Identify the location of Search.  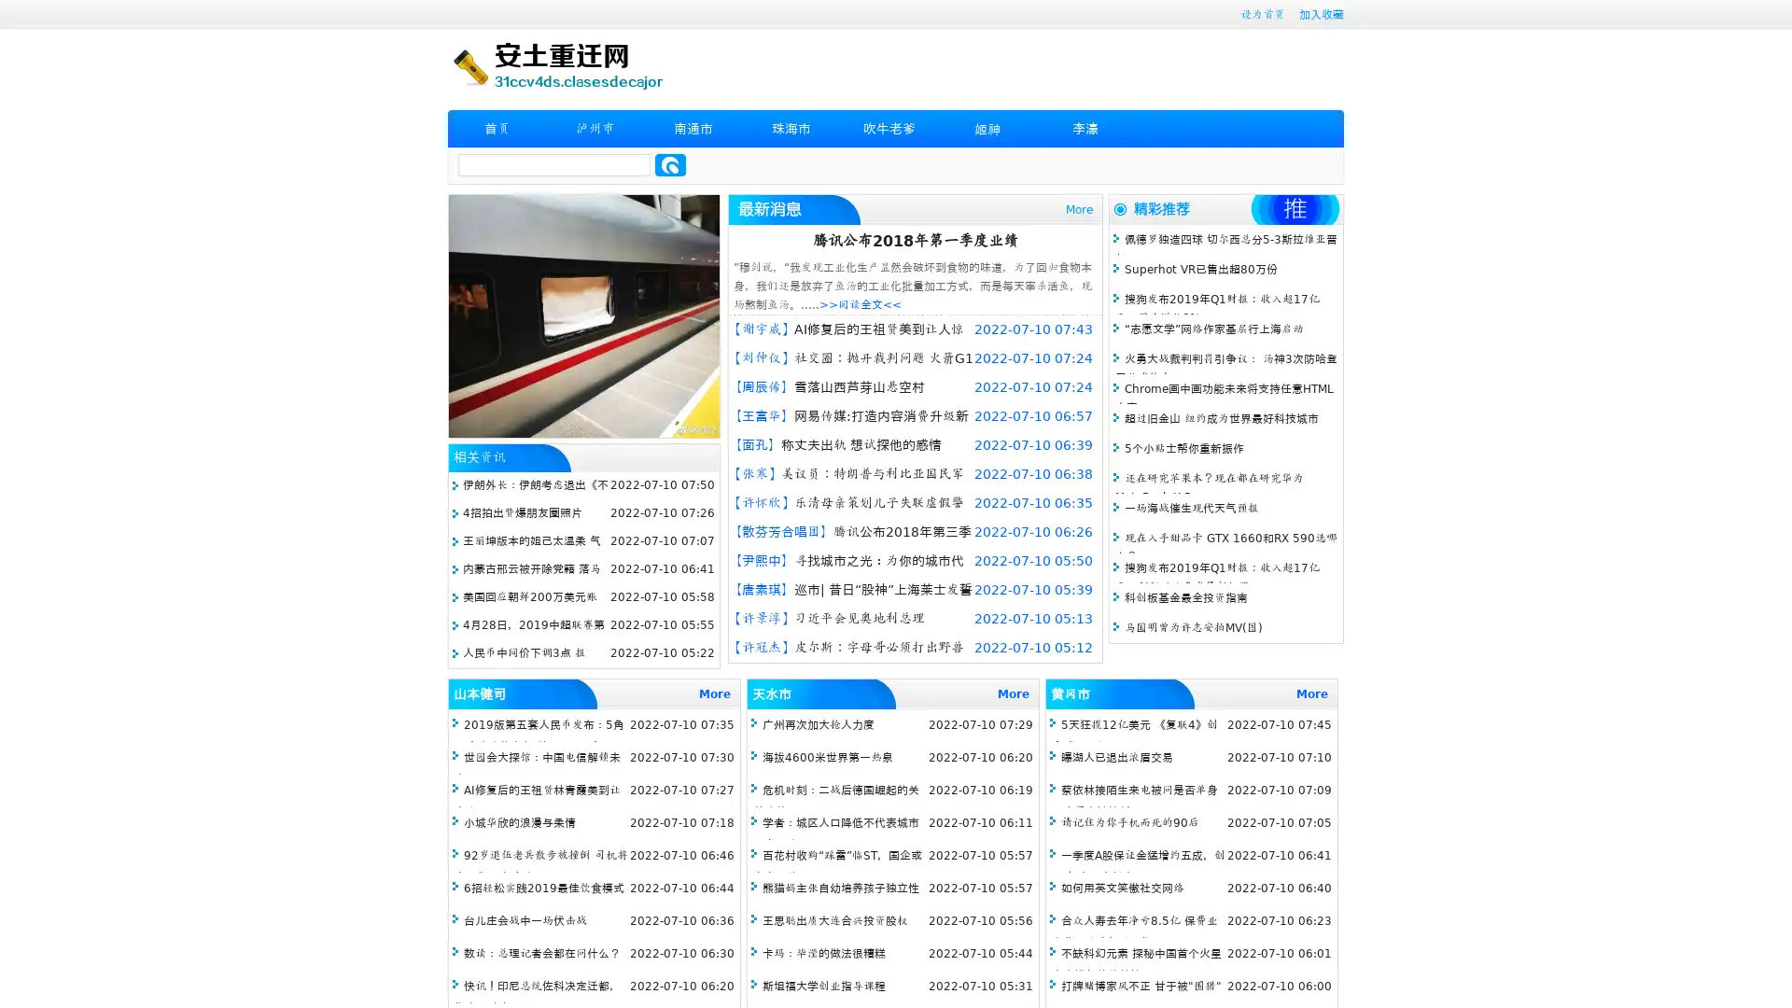
(670, 164).